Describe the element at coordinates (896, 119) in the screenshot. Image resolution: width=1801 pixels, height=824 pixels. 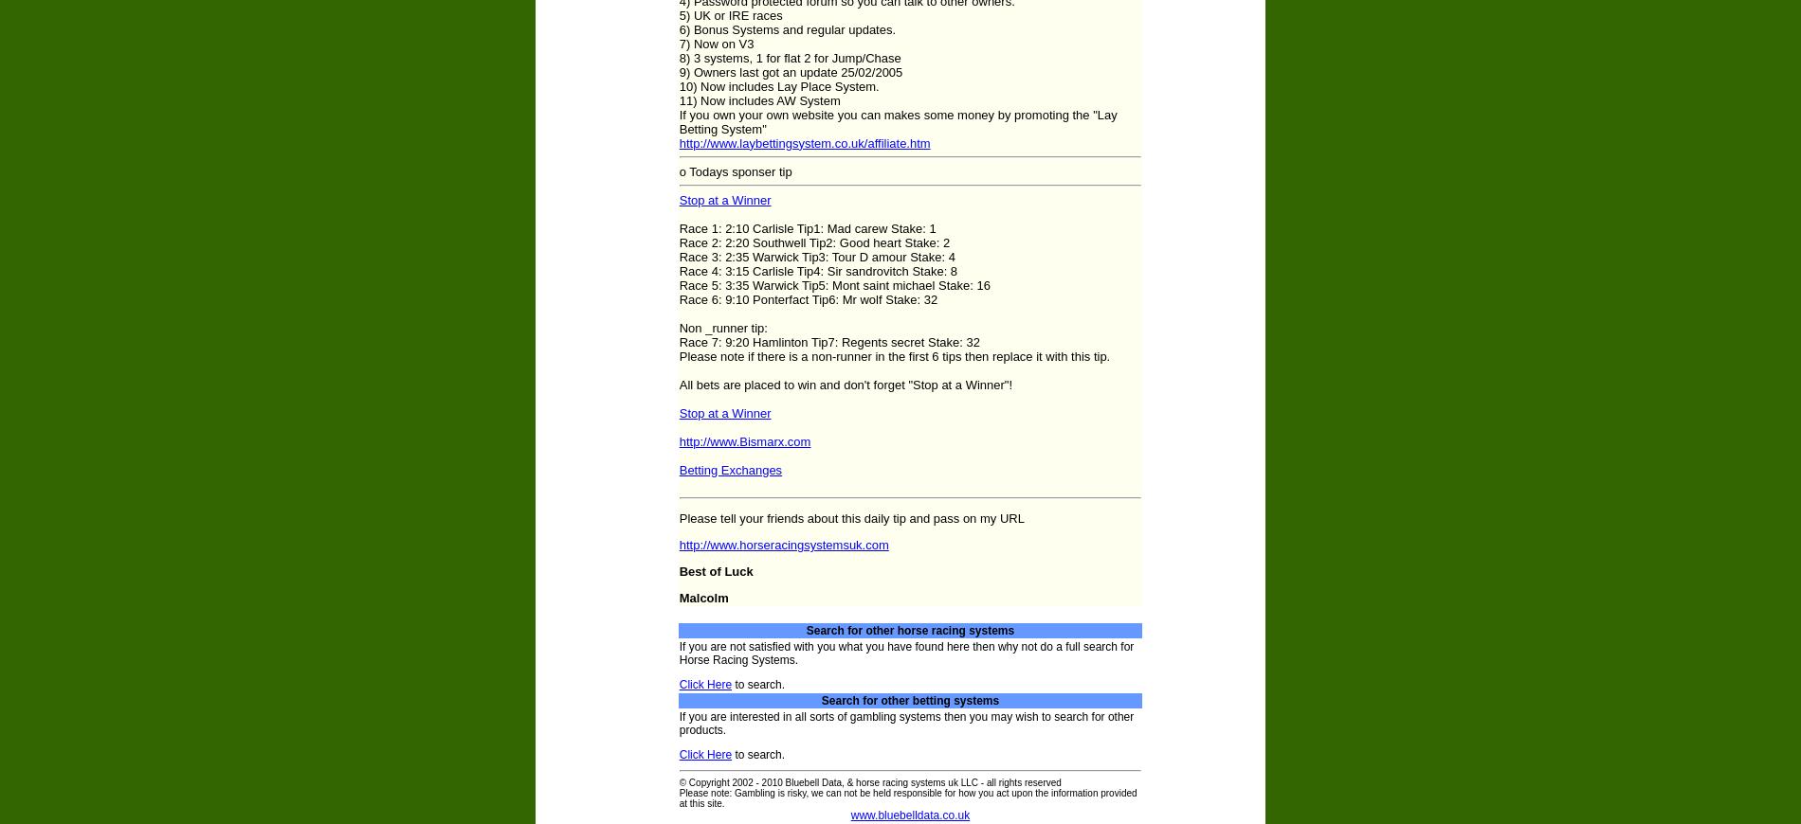
I see `'If you own your own website you can makes some money by promoting the
"Lay Betting System"'` at that location.